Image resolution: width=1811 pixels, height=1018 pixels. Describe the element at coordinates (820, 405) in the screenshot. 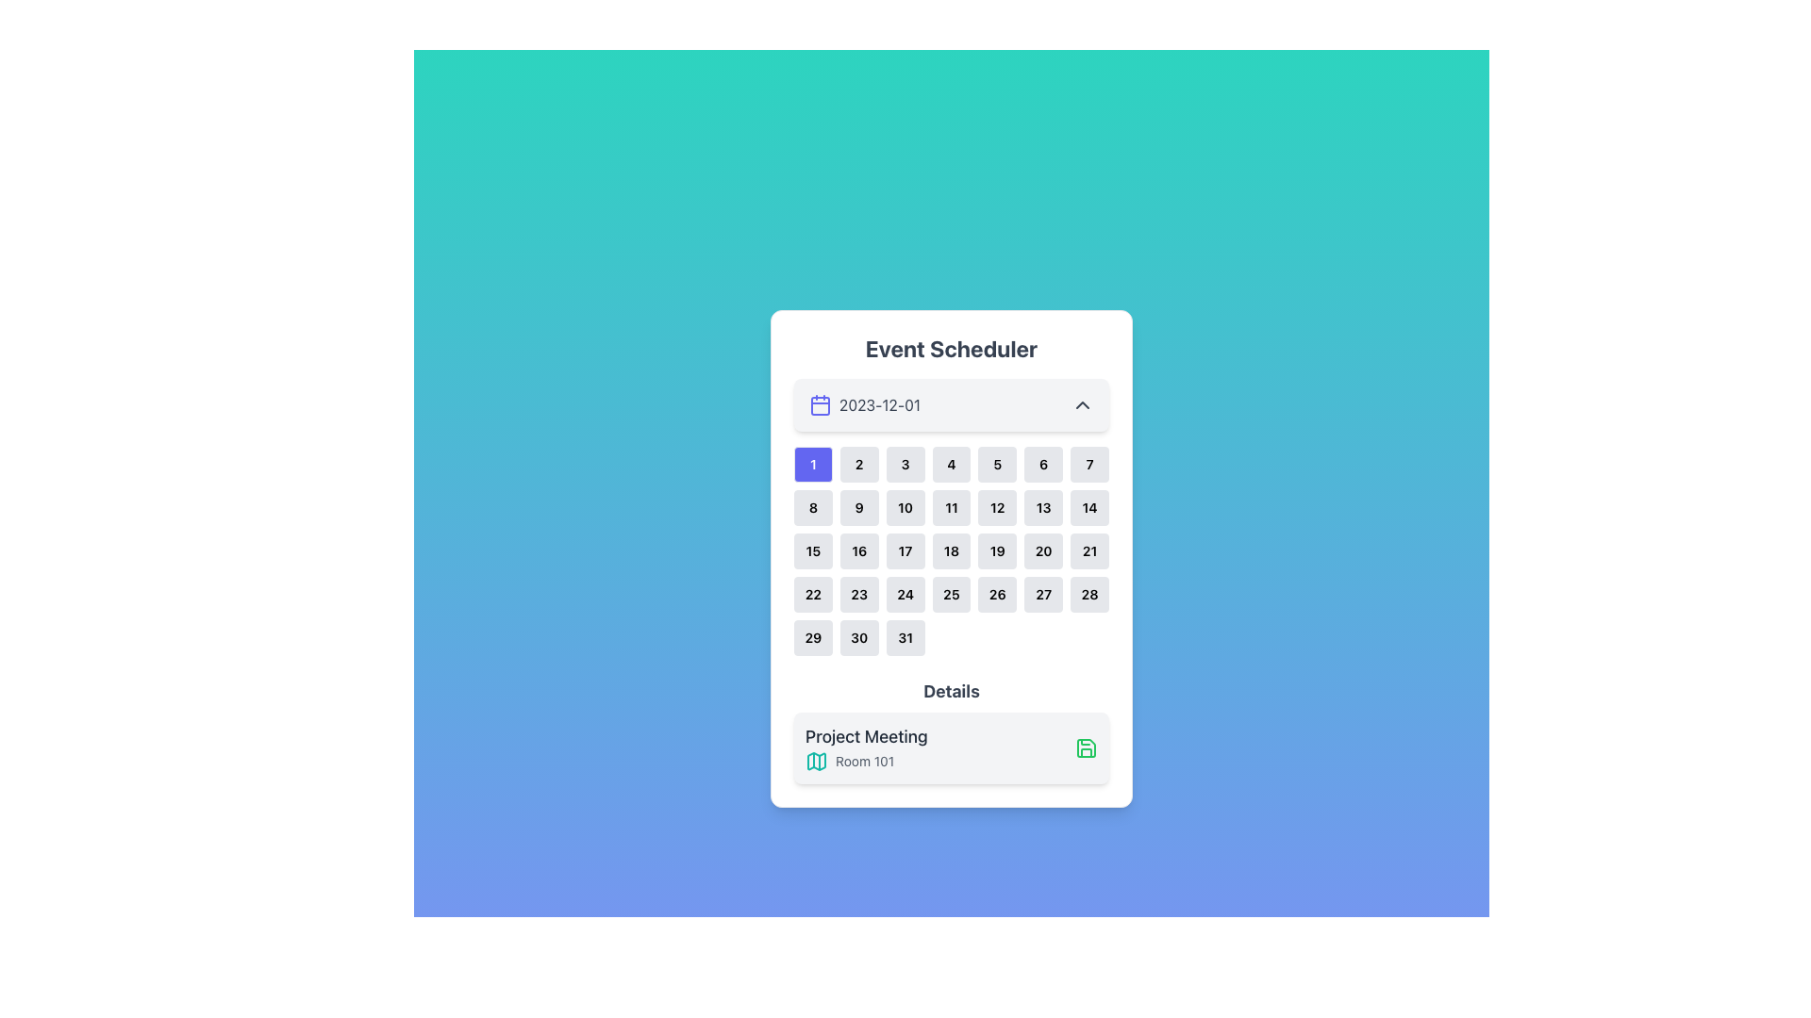

I see `the Graphics component of the calendar icon SVG, which visually represents the calendar's main section and is positioned near the top-left of the icon` at that location.